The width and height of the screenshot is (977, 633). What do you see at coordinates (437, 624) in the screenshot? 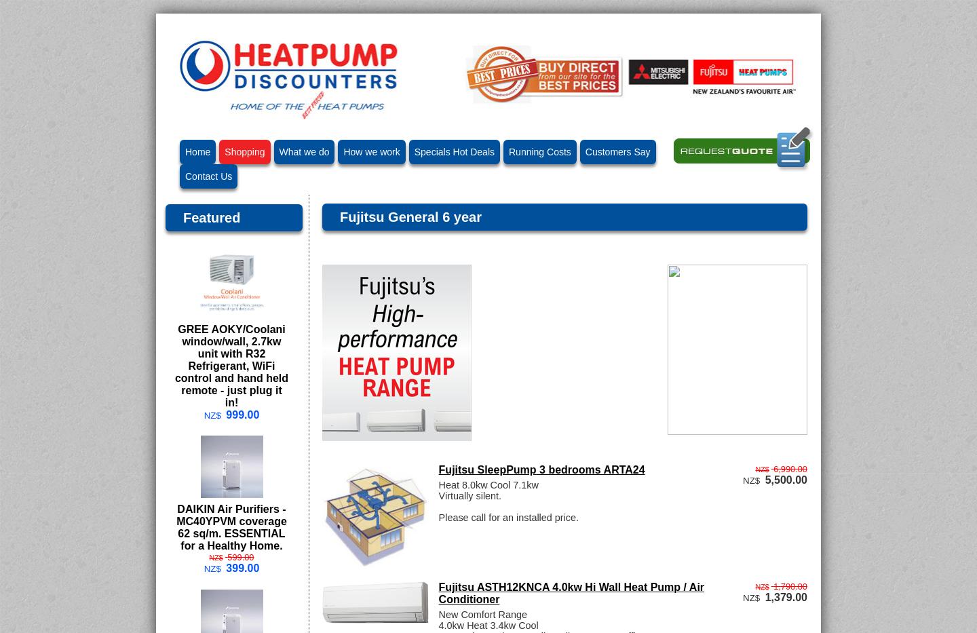
I see `'4.0kw Heat 3.4kw Cool'` at bounding box center [437, 624].